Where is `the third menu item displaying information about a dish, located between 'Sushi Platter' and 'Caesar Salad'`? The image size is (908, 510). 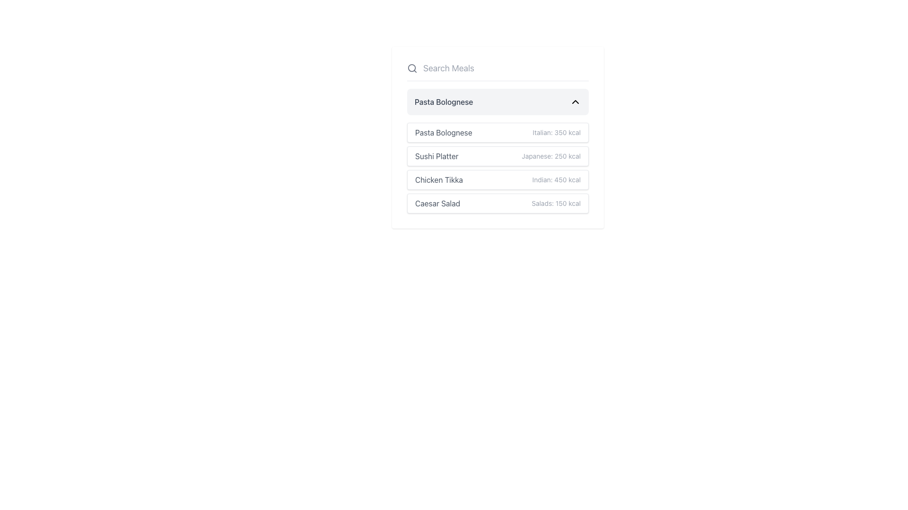
the third menu item displaying information about a dish, located between 'Sushi Platter' and 'Caesar Salad' is located at coordinates (497, 180).